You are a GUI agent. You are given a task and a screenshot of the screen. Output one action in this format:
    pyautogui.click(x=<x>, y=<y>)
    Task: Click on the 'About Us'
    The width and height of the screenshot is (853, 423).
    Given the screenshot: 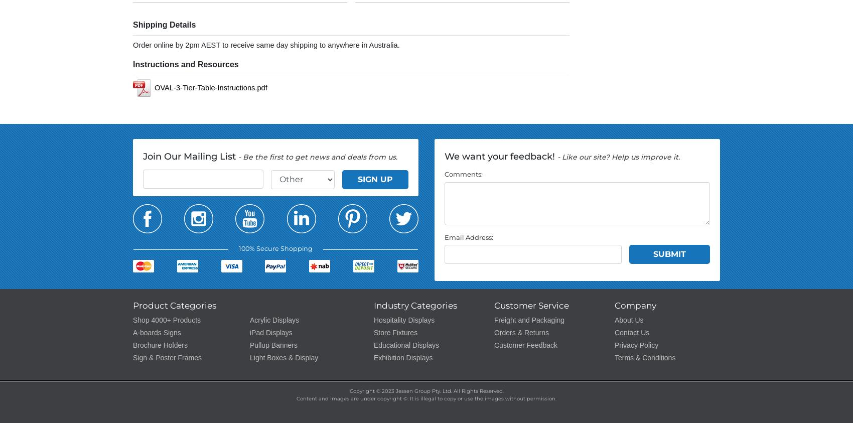 What is the action you would take?
    pyautogui.click(x=628, y=319)
    